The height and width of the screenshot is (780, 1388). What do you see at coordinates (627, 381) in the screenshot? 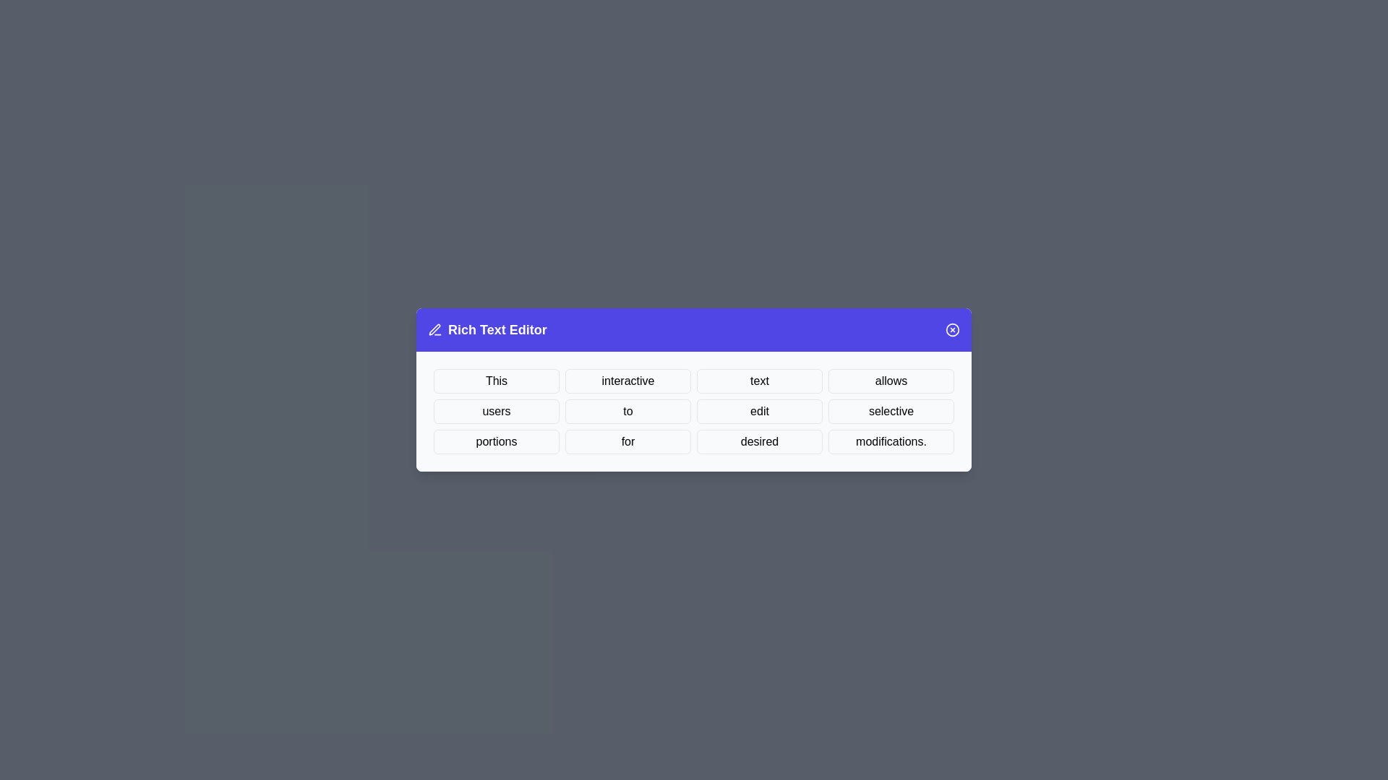
I see `the word interactive to select it` at bounding box center [627, 381].